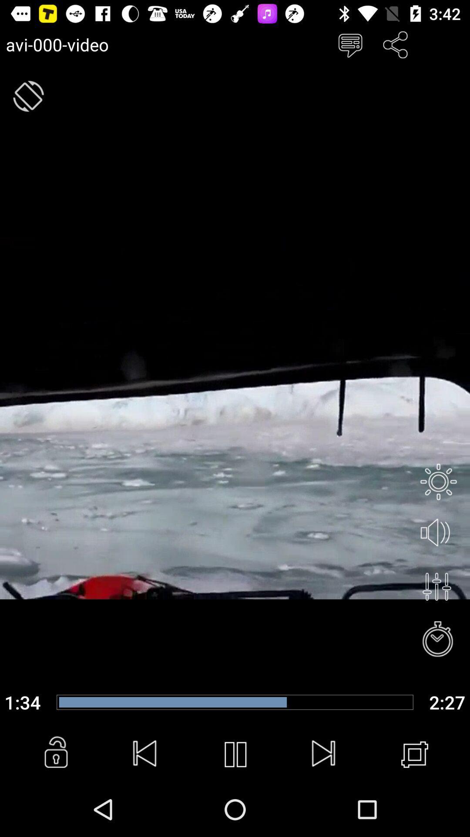 The image size is (470, 837). Describe the element at coordinates (56, 754) in the screenshot. I see `the lock icon` at that location.